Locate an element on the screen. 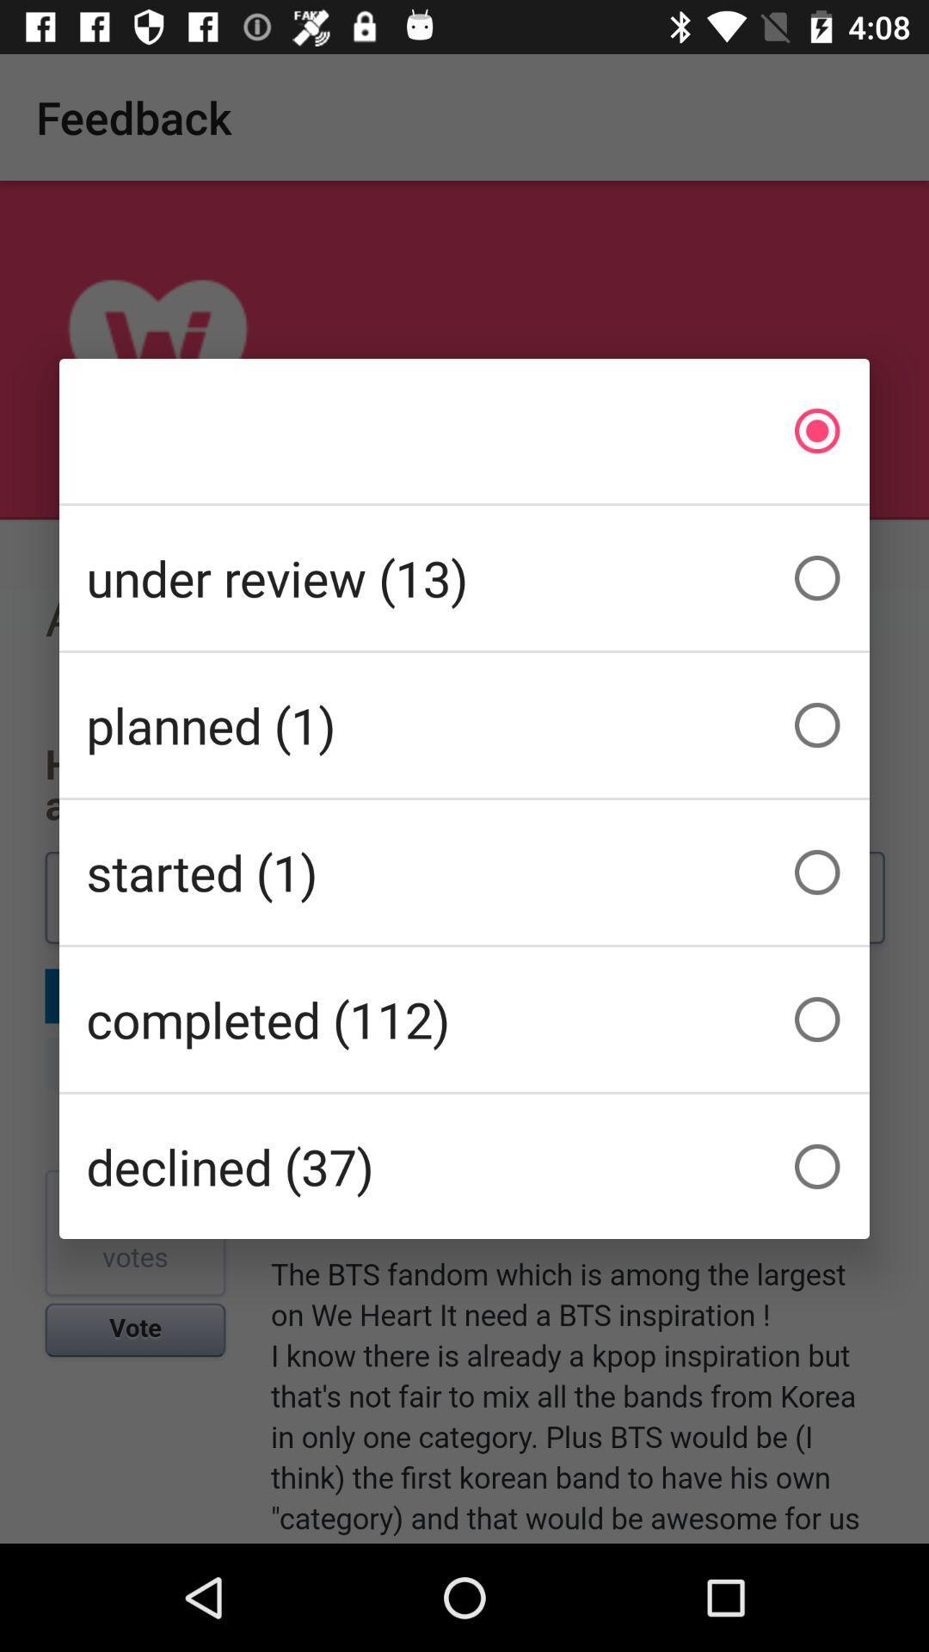  the under review (13) item is located at coordinates (464, 578).